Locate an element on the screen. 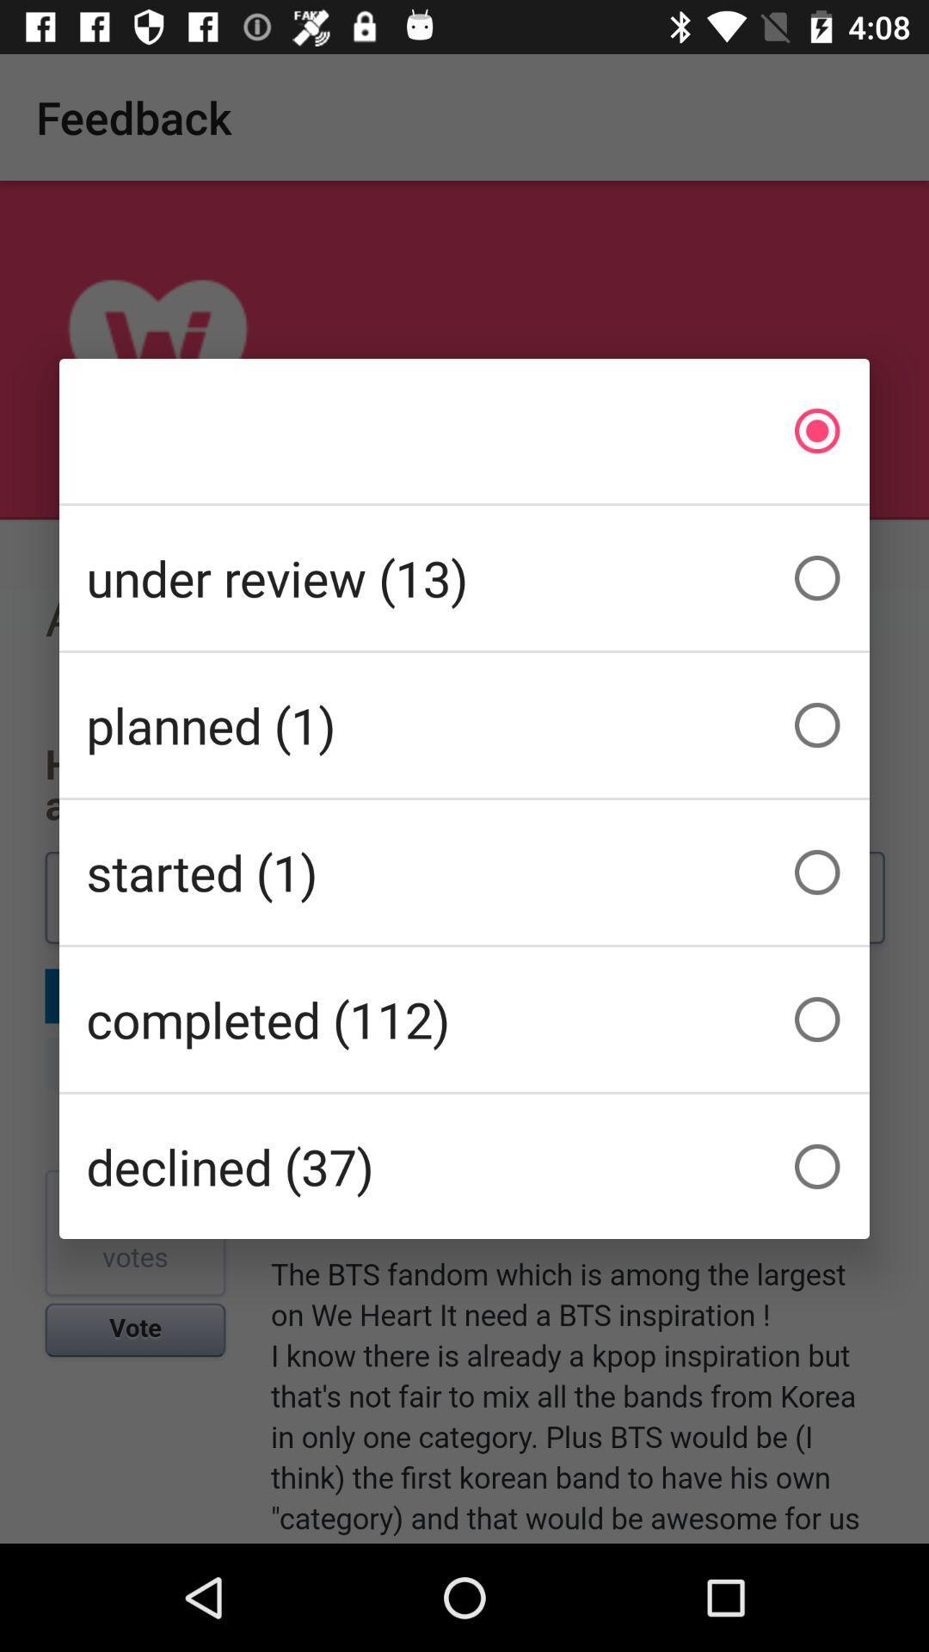  the under review (13) item is located at coordinates (464, 578).